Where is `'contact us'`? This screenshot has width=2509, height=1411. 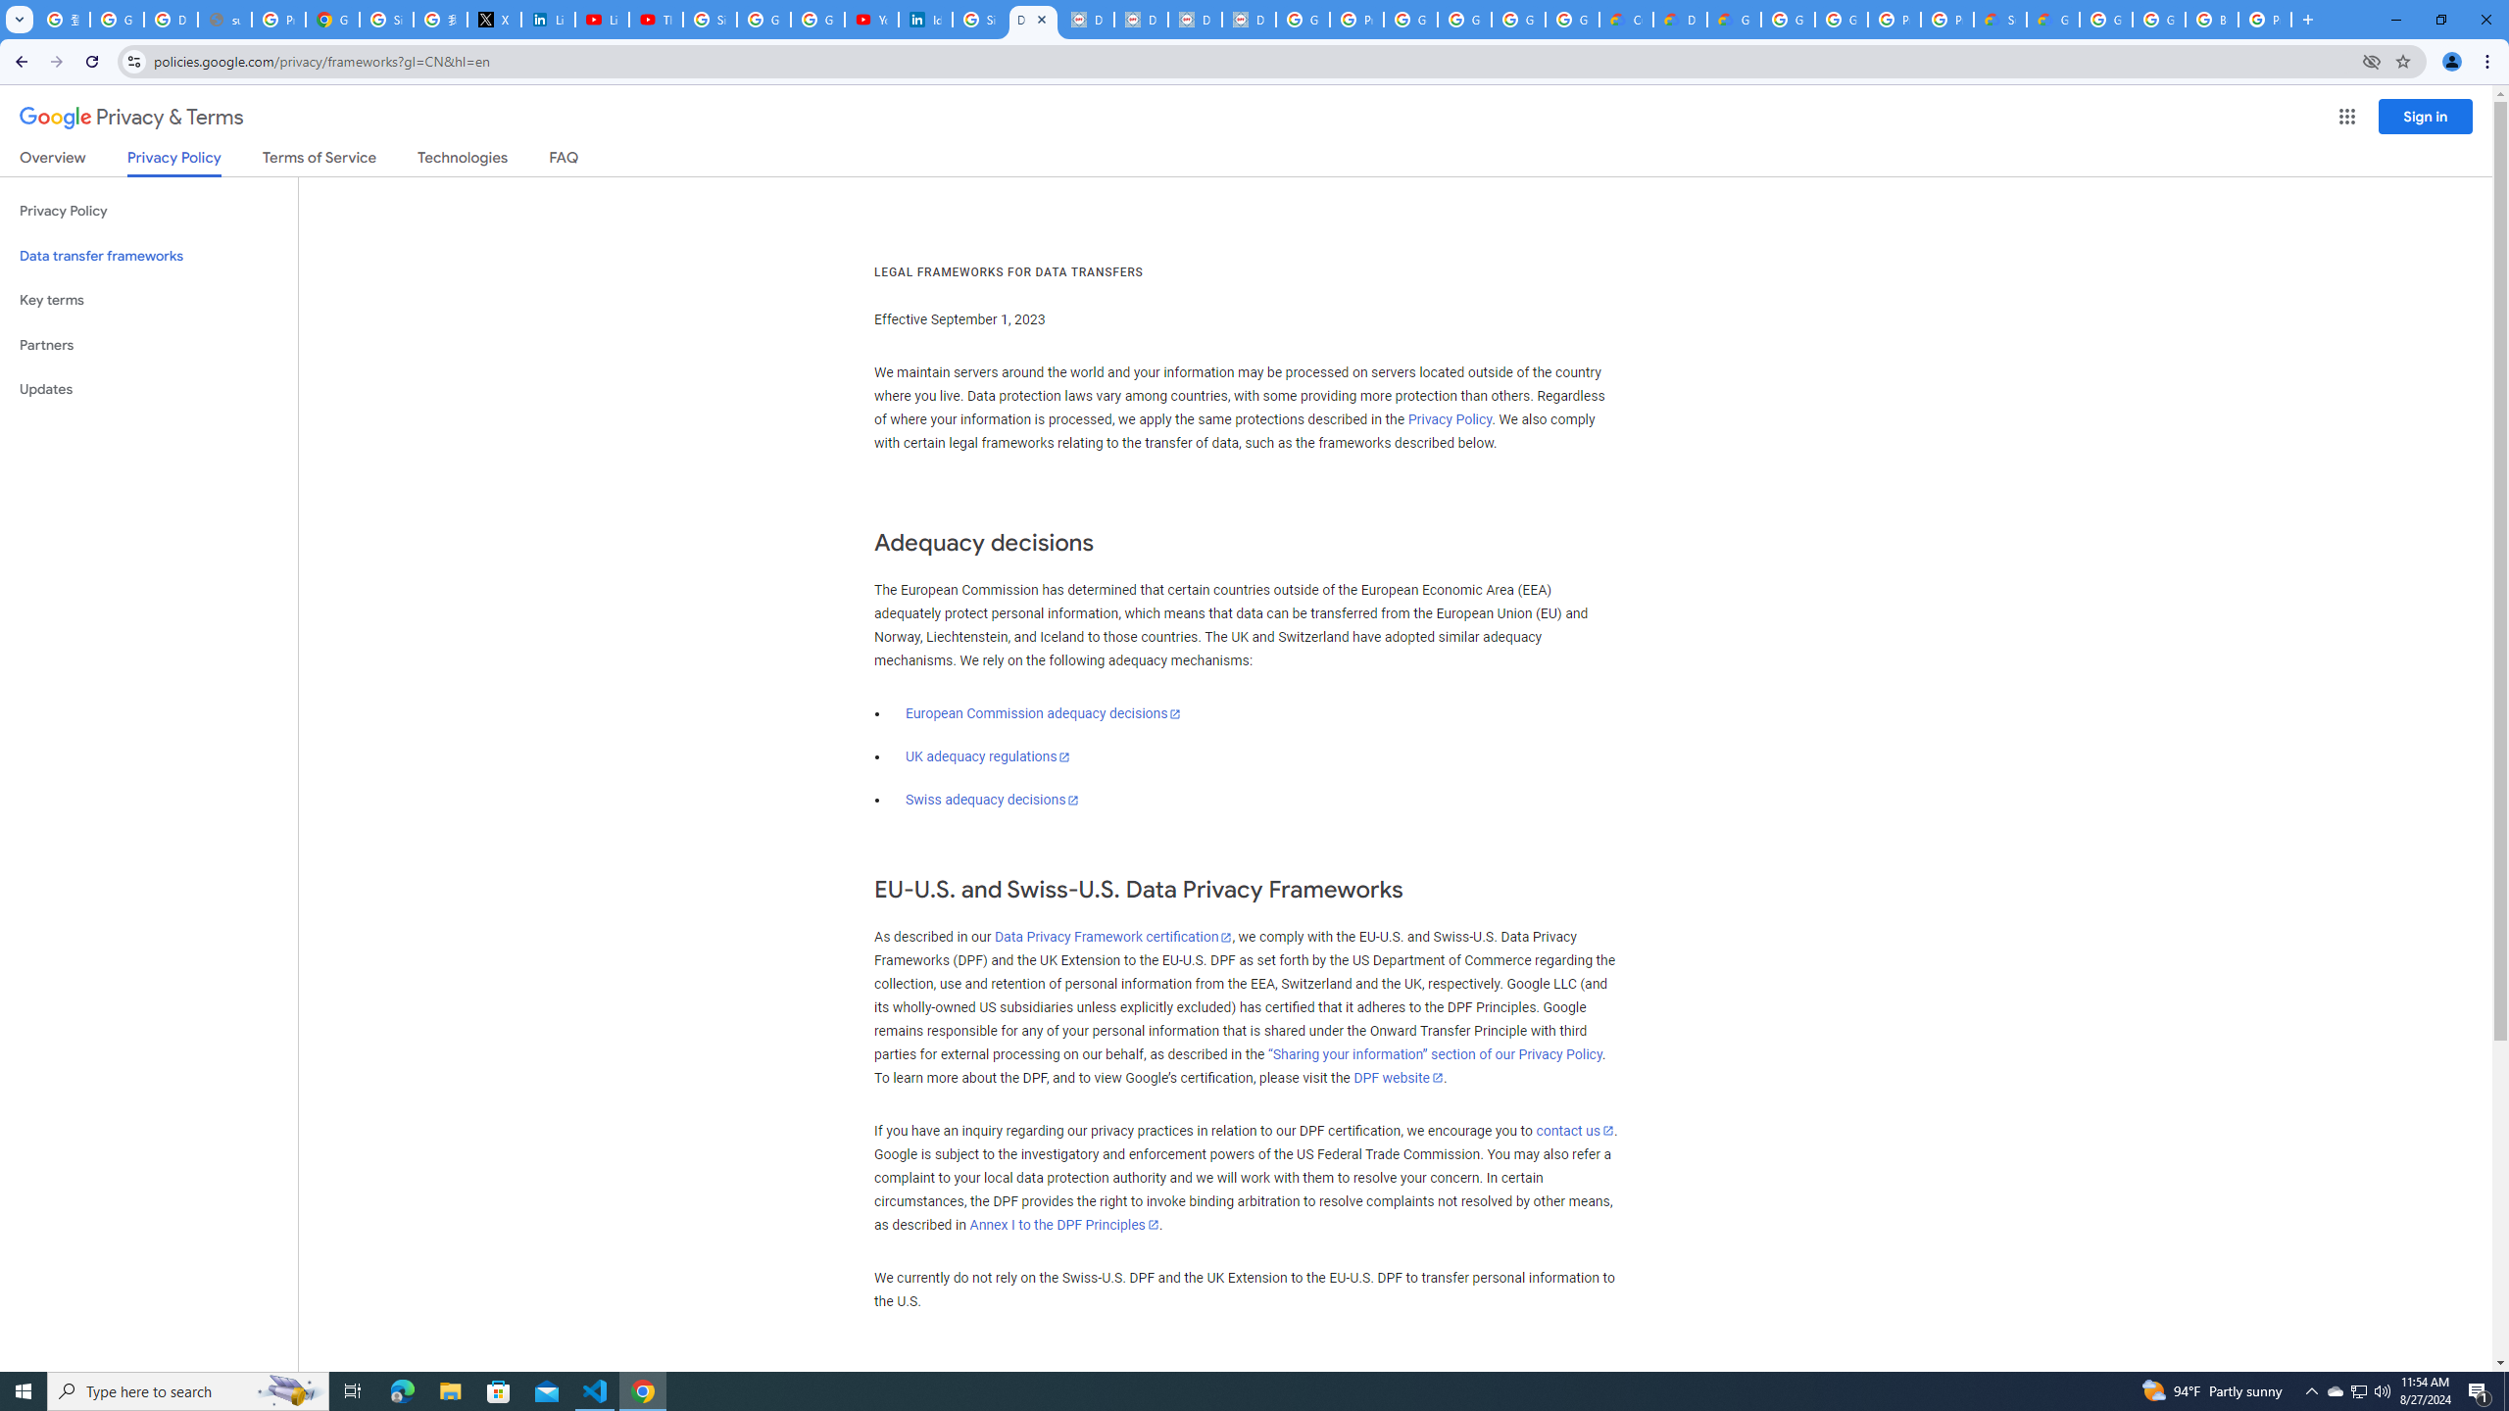
'contact us' is located at coordinates (1574, 1130).